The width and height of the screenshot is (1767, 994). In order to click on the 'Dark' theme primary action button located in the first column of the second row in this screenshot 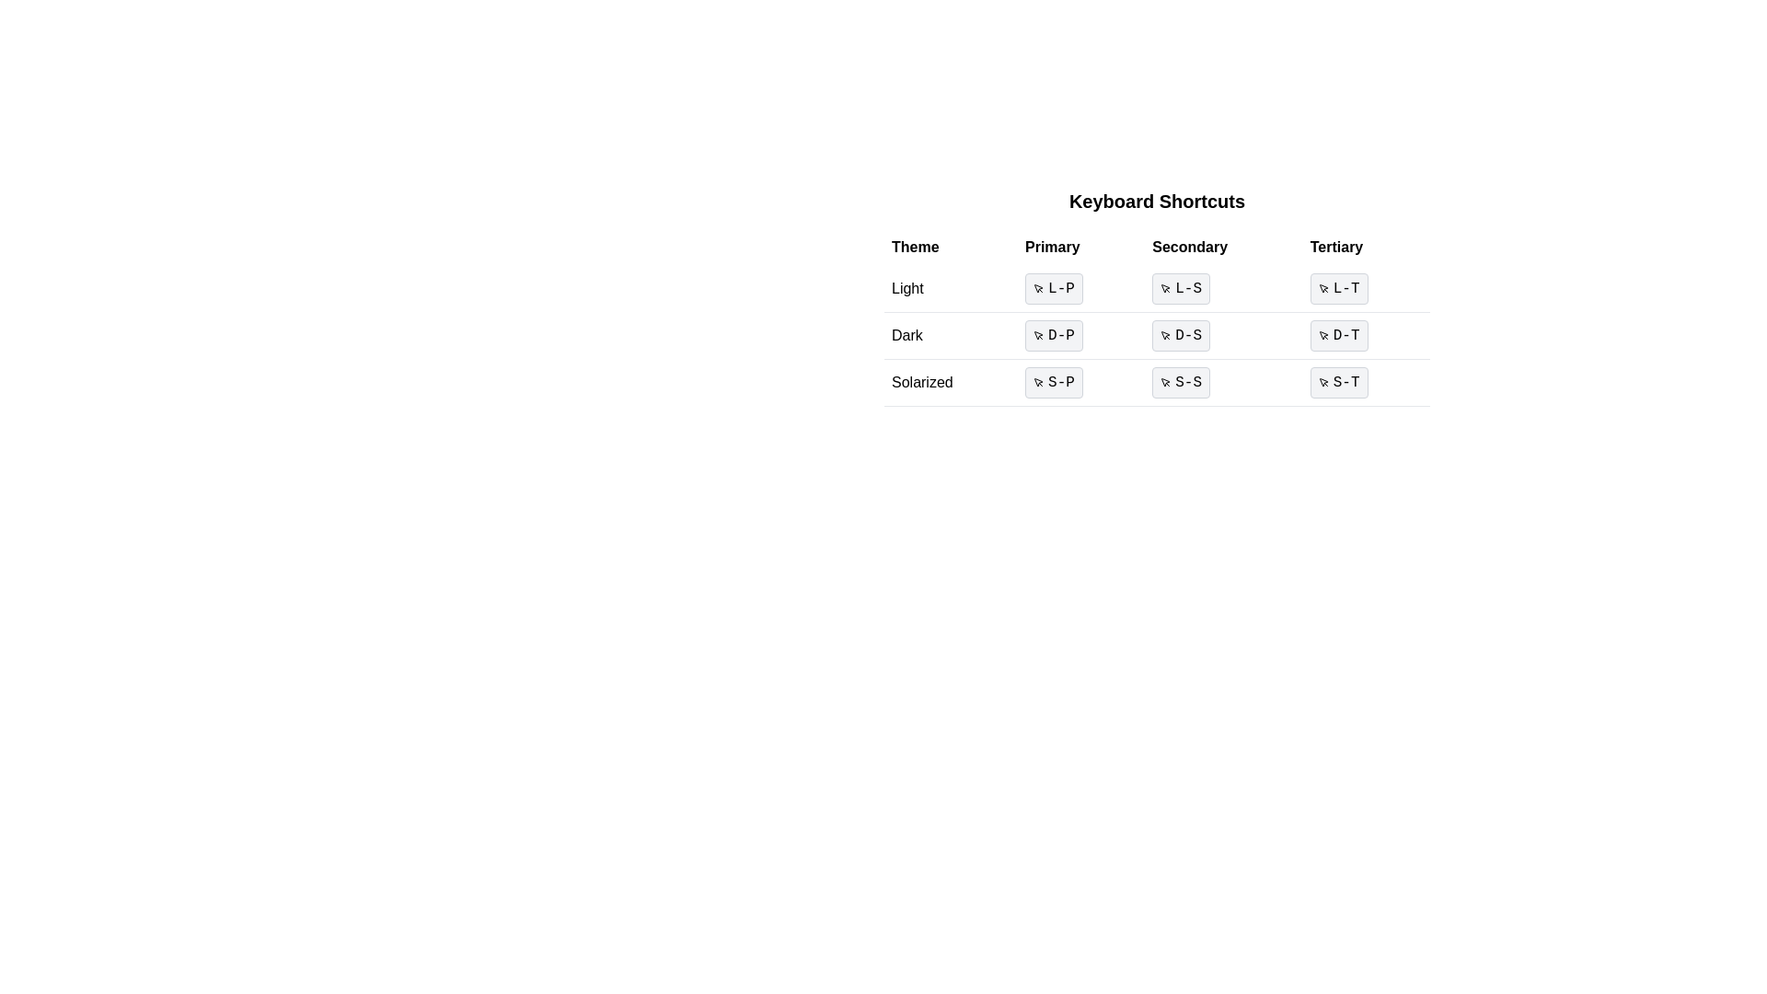, I will do `click(1054, 336)`.